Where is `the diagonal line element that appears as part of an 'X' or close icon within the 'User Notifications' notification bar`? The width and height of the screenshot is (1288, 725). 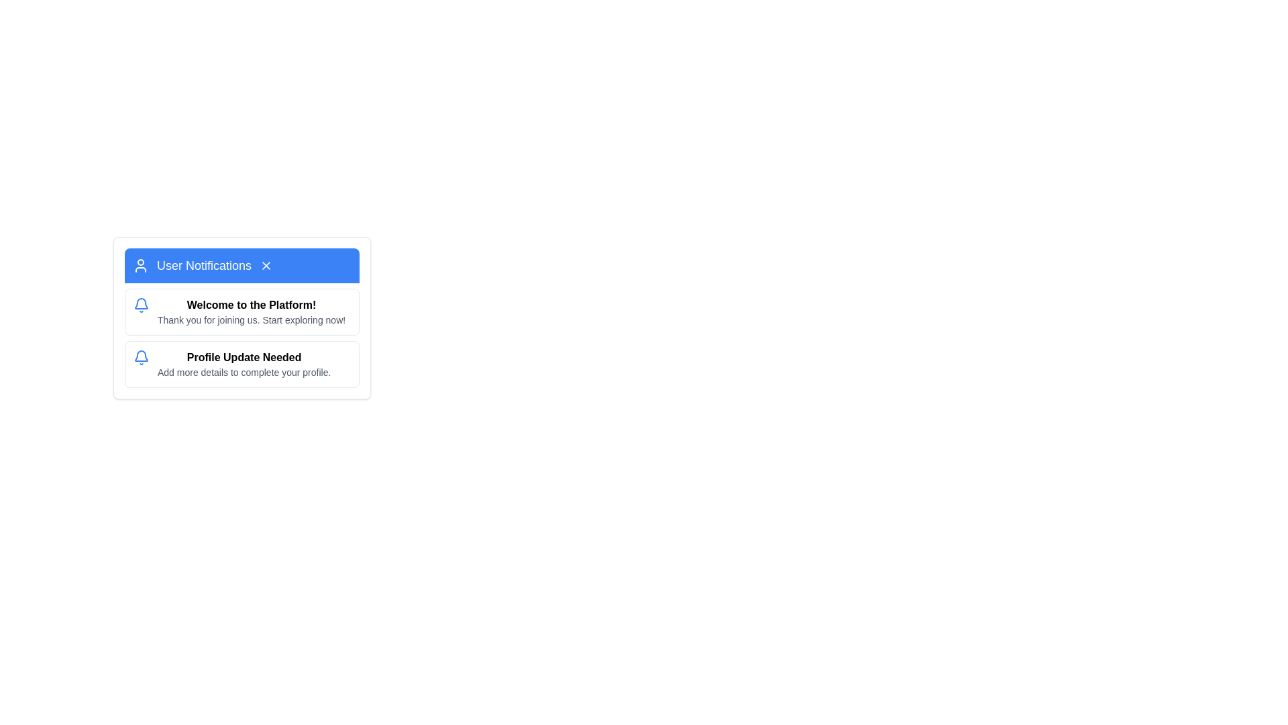
the diagonal line element that appears as part of an 'X' or close icon within the 'User Notifications' notification bar is located at coordinates (266, 266).